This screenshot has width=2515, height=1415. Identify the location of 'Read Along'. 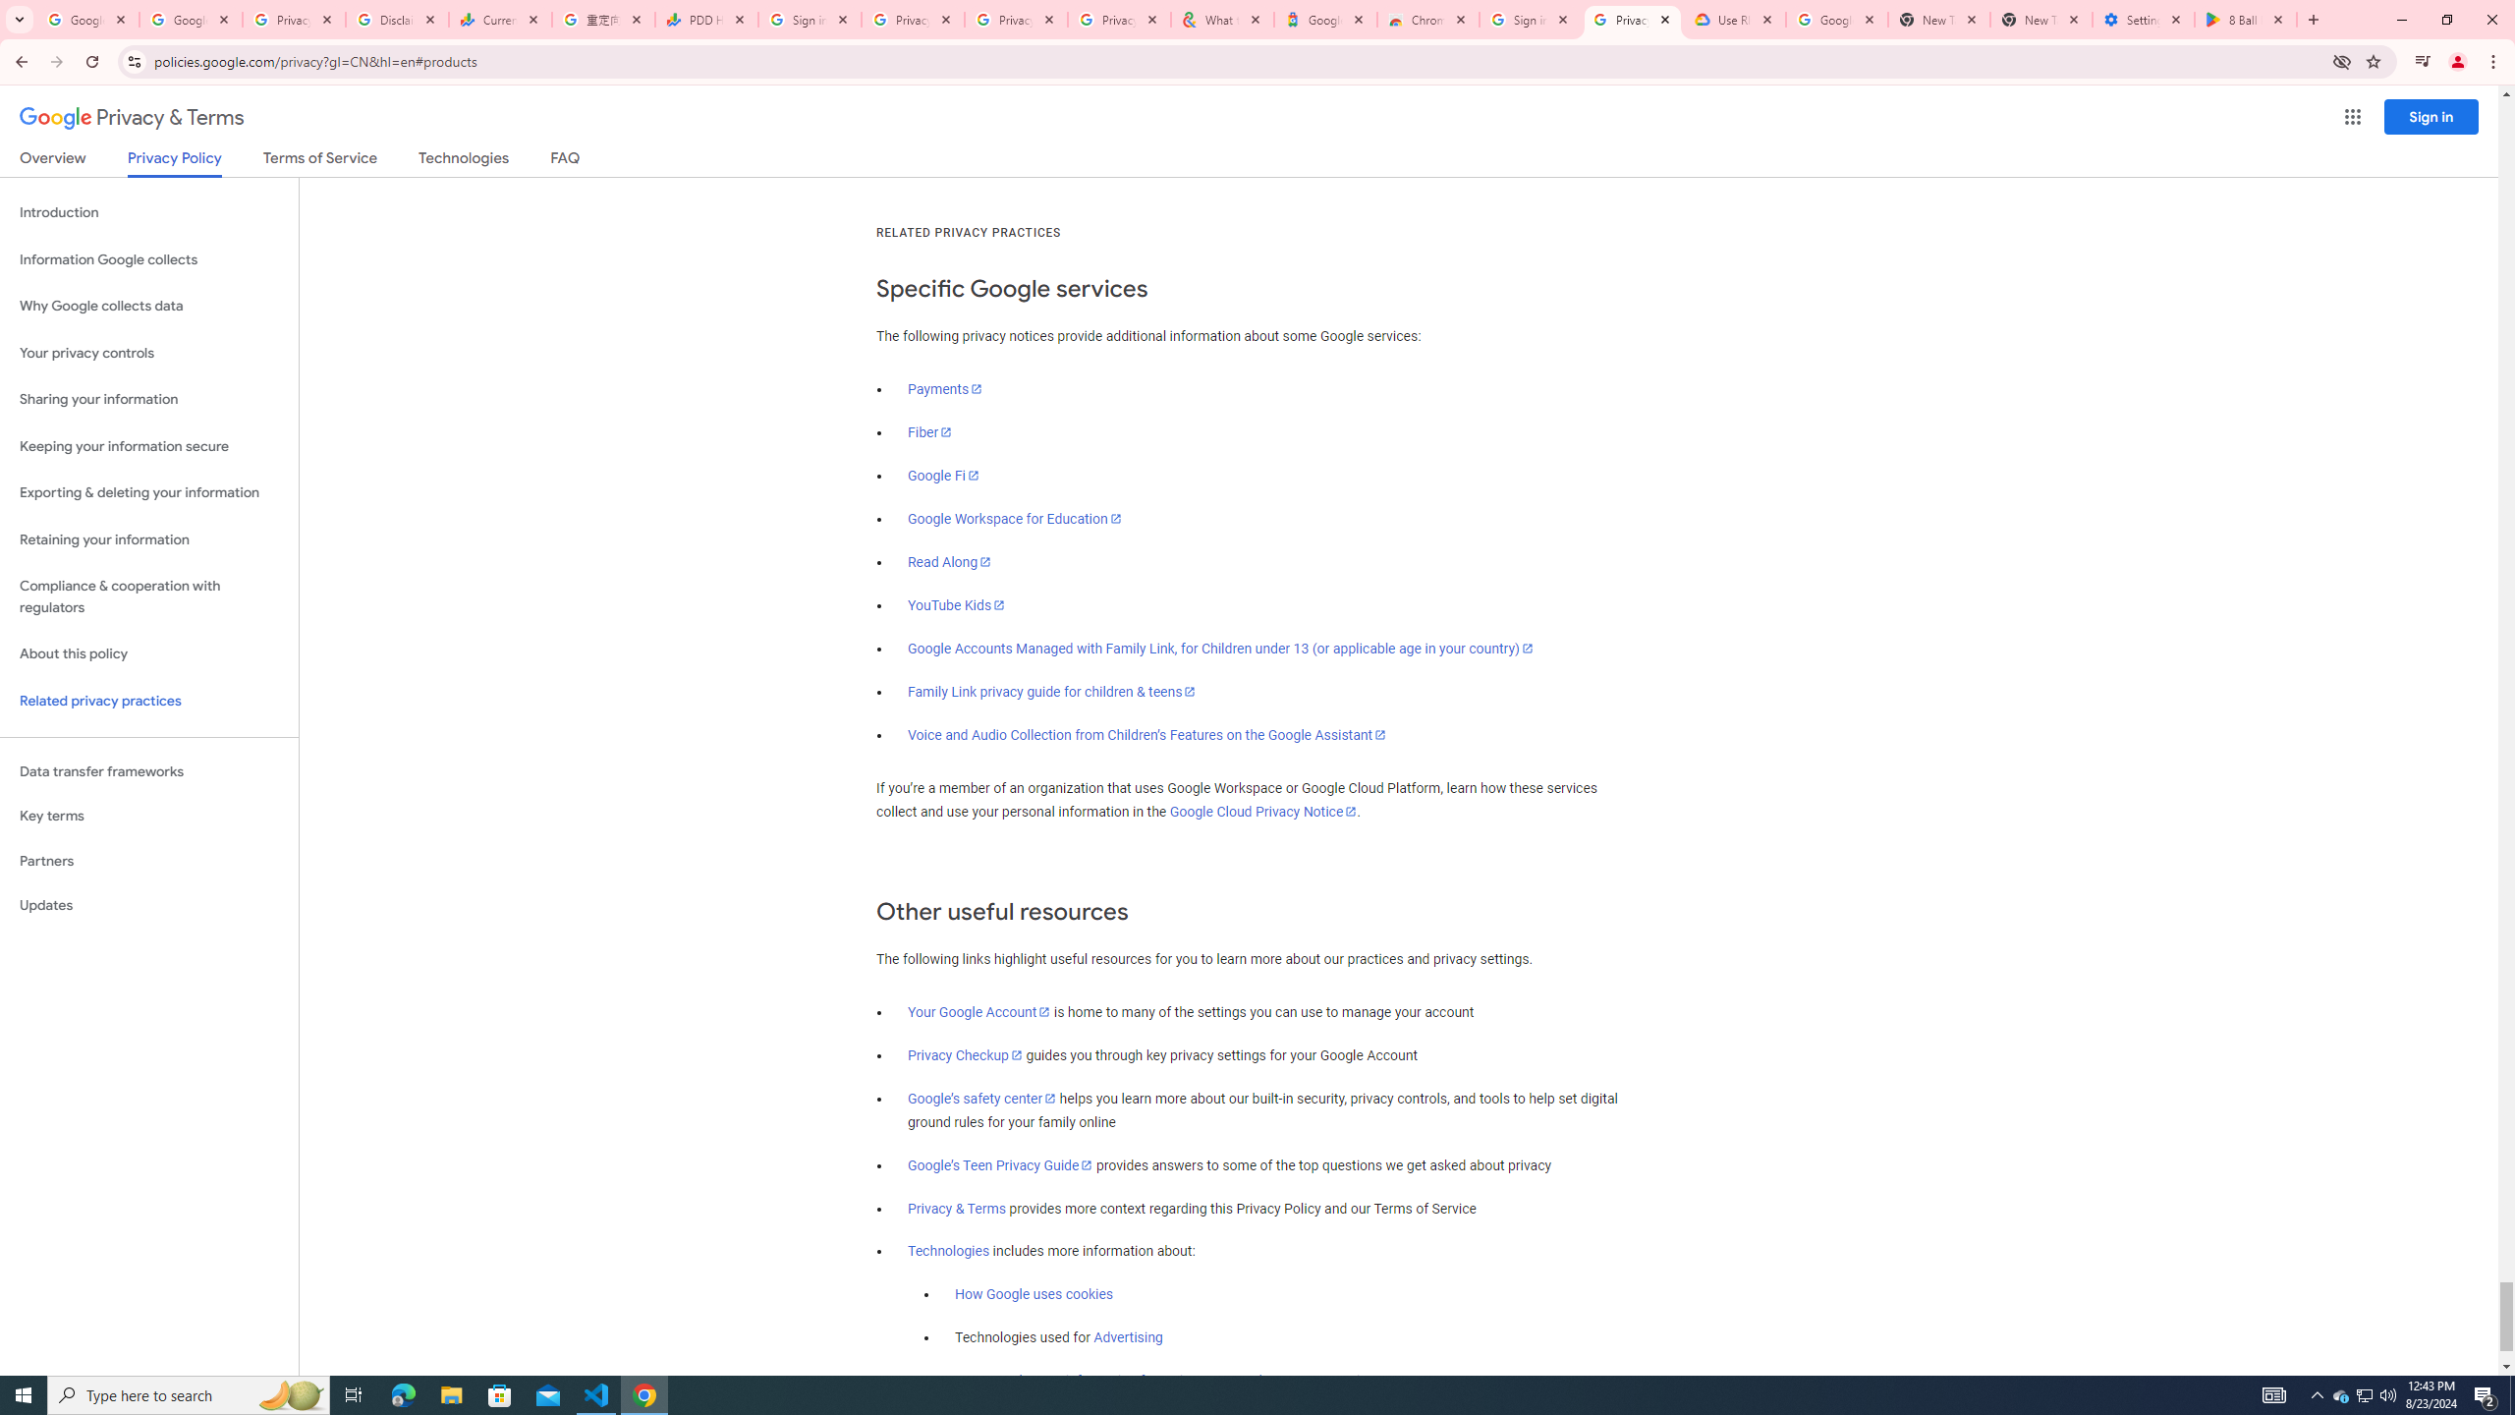
(949, 560).